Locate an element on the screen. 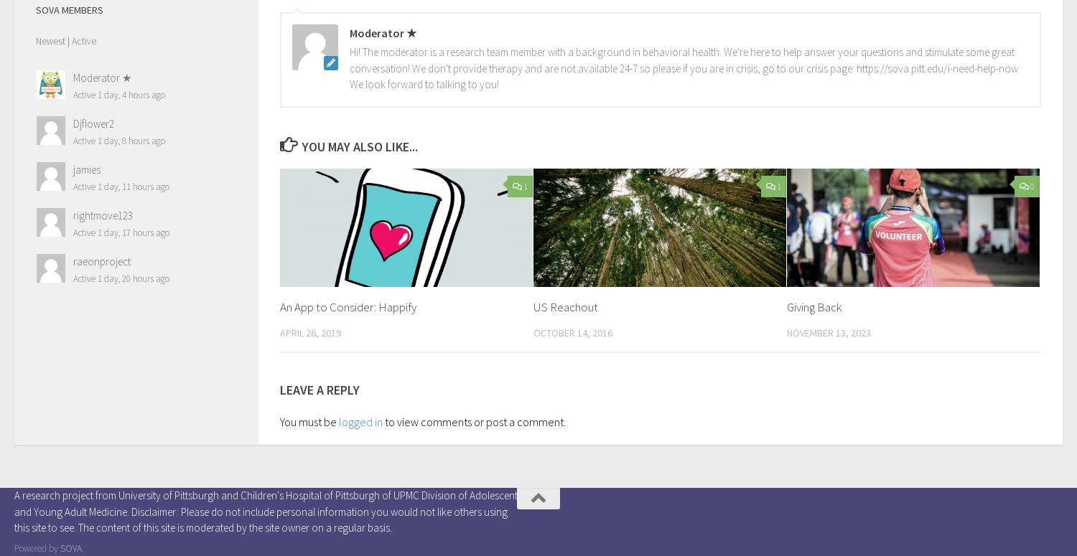 The width and height of the screenshot is (1077, 556). '.' is located at coordinates (82, 547).